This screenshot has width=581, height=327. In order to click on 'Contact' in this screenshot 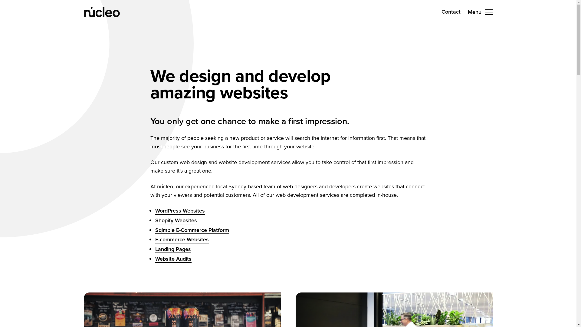, I will do `click(451, 12)`.